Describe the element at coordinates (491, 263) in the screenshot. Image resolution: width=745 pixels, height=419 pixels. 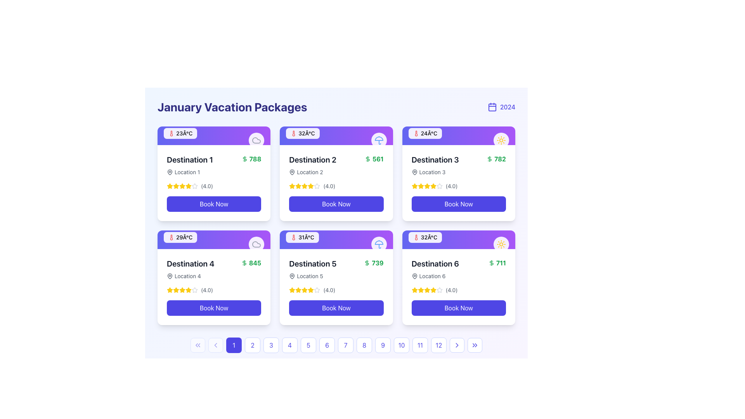
I see `the green dollar sign icon ('$') that is adjacent to the bold numeric text '711', located in the lower-right corner of the 'Destination 6' card` at that location.